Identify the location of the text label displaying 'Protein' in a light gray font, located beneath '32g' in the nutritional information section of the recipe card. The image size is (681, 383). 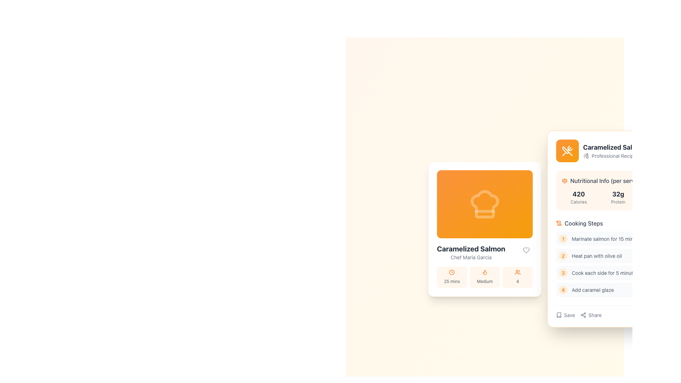
(618, 202).